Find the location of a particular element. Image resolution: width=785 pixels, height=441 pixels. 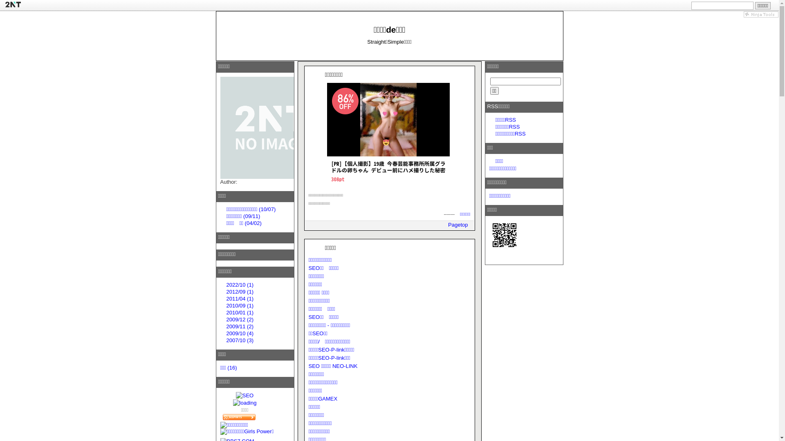

'2009/12 (2)' is located at coordinates (226, 319).